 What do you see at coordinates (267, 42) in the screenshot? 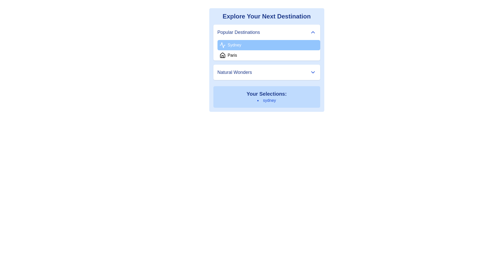
I see `the Dropdown Menu located in the 'Explore Your Next Destination' section` at bounding box center [267, 42].